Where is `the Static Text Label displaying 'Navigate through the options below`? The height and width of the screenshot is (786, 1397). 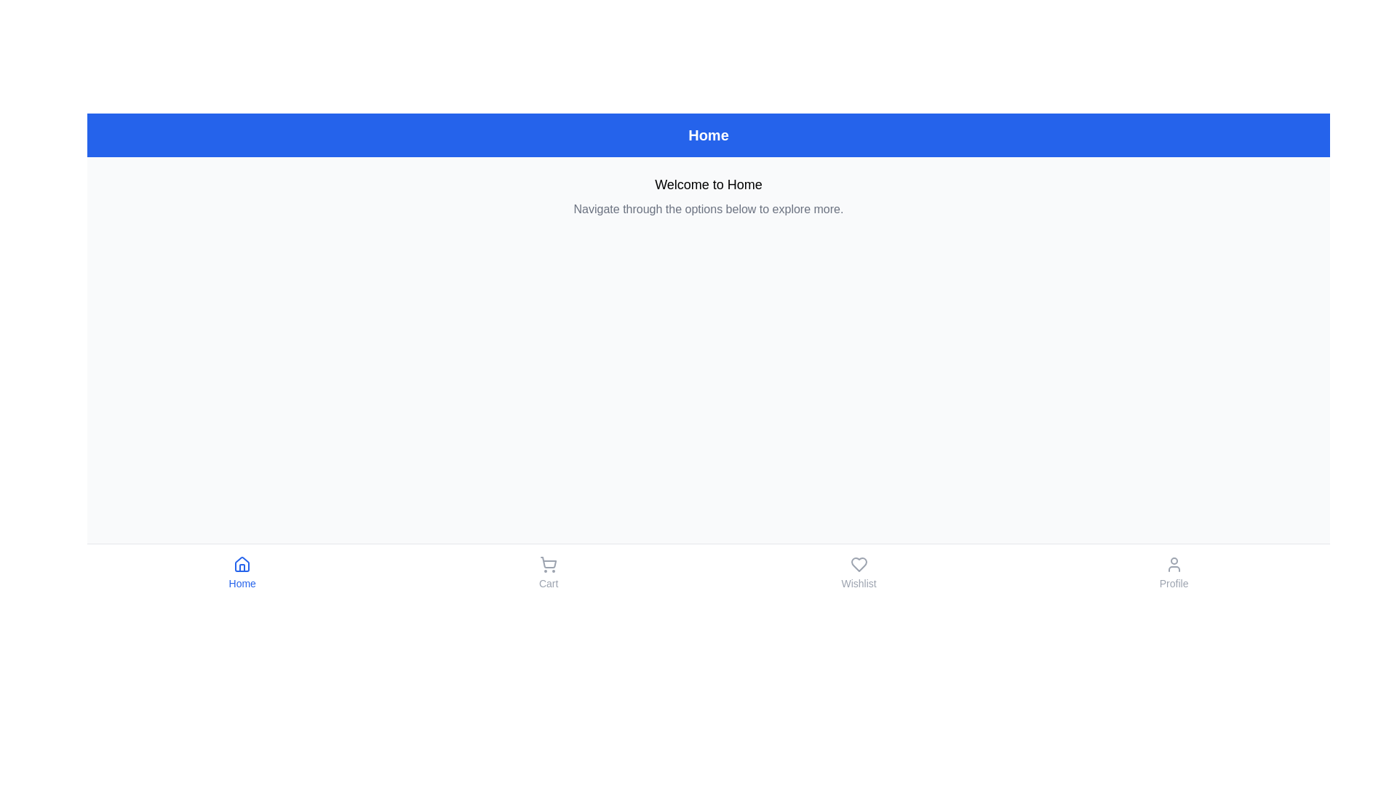
the Static Text Label displaying 'Navigate through the options below is located at coordinates (709, 210).